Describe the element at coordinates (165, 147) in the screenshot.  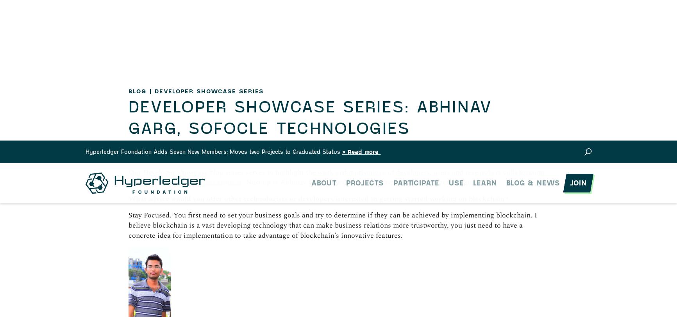
I see `'Research'` at that location.